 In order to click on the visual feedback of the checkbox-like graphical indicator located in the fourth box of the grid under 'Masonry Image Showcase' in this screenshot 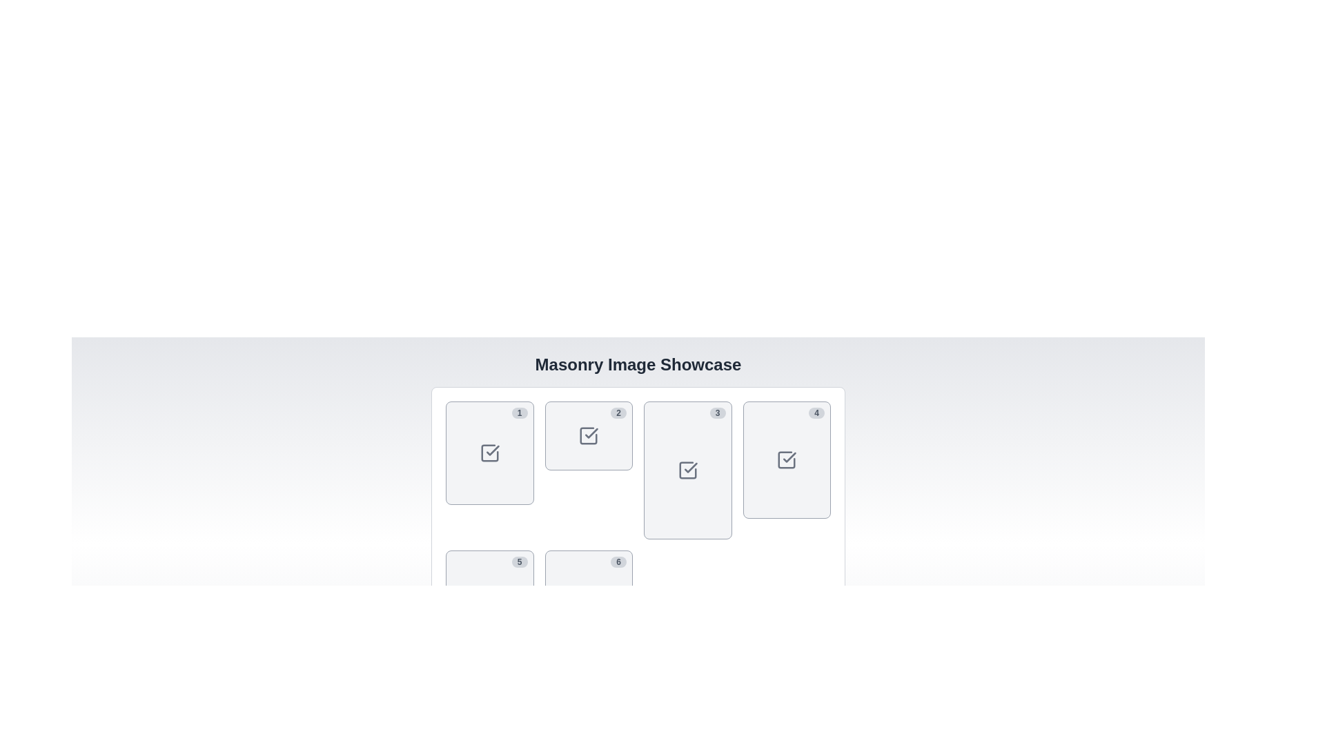, I will do `click(787, 460)`.